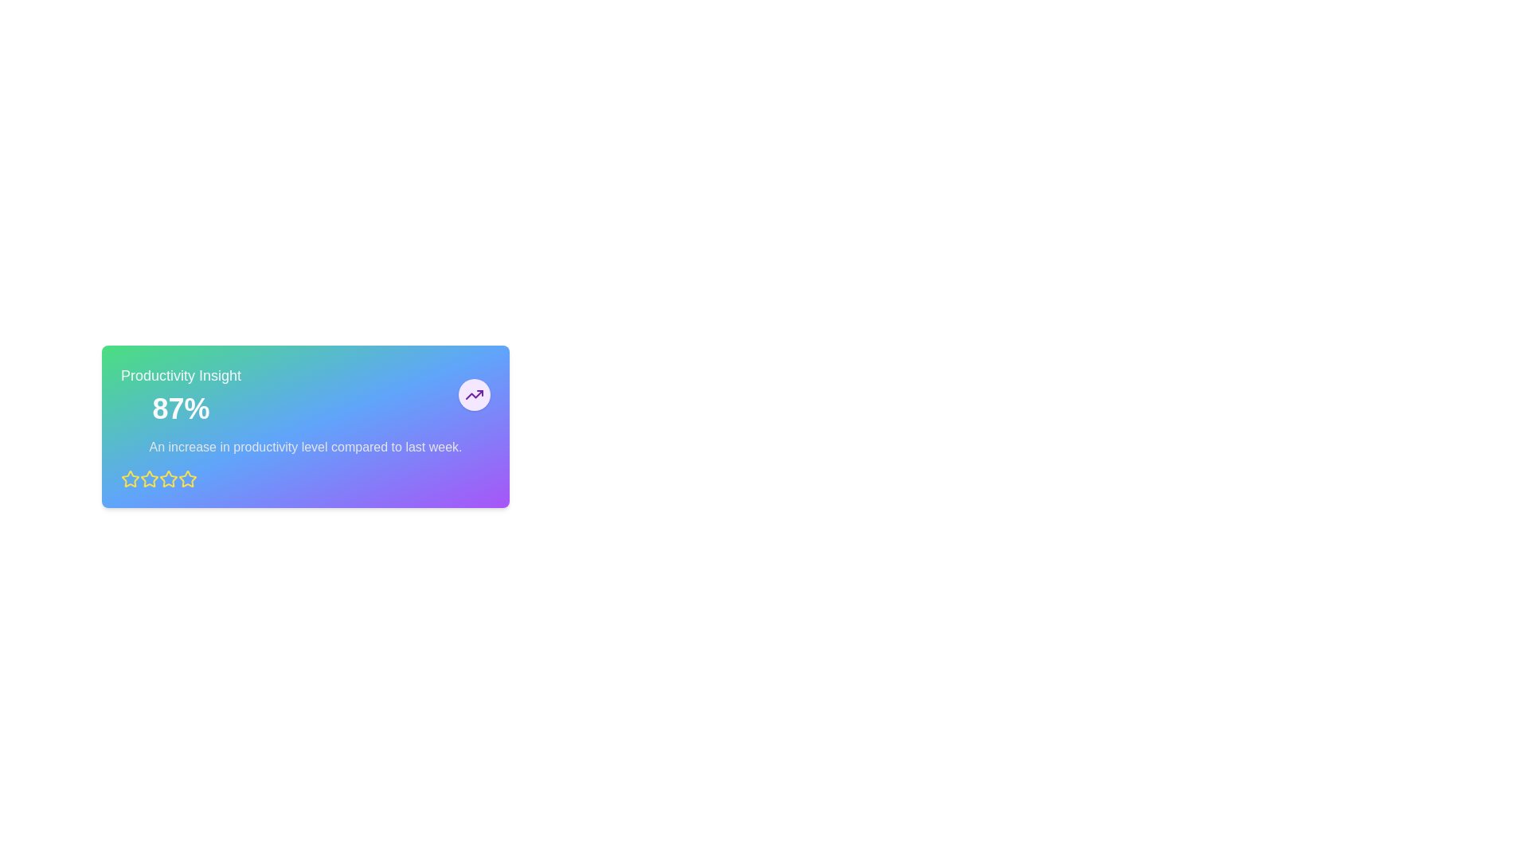  What do you see at coordinates (187, 478) in the screenshot?
I see `the third star in the star-based rating system, which is part of a five-level rating scale, located in the bottom left quadrant of the card with a gradient background` at bounding box center [187, 478].